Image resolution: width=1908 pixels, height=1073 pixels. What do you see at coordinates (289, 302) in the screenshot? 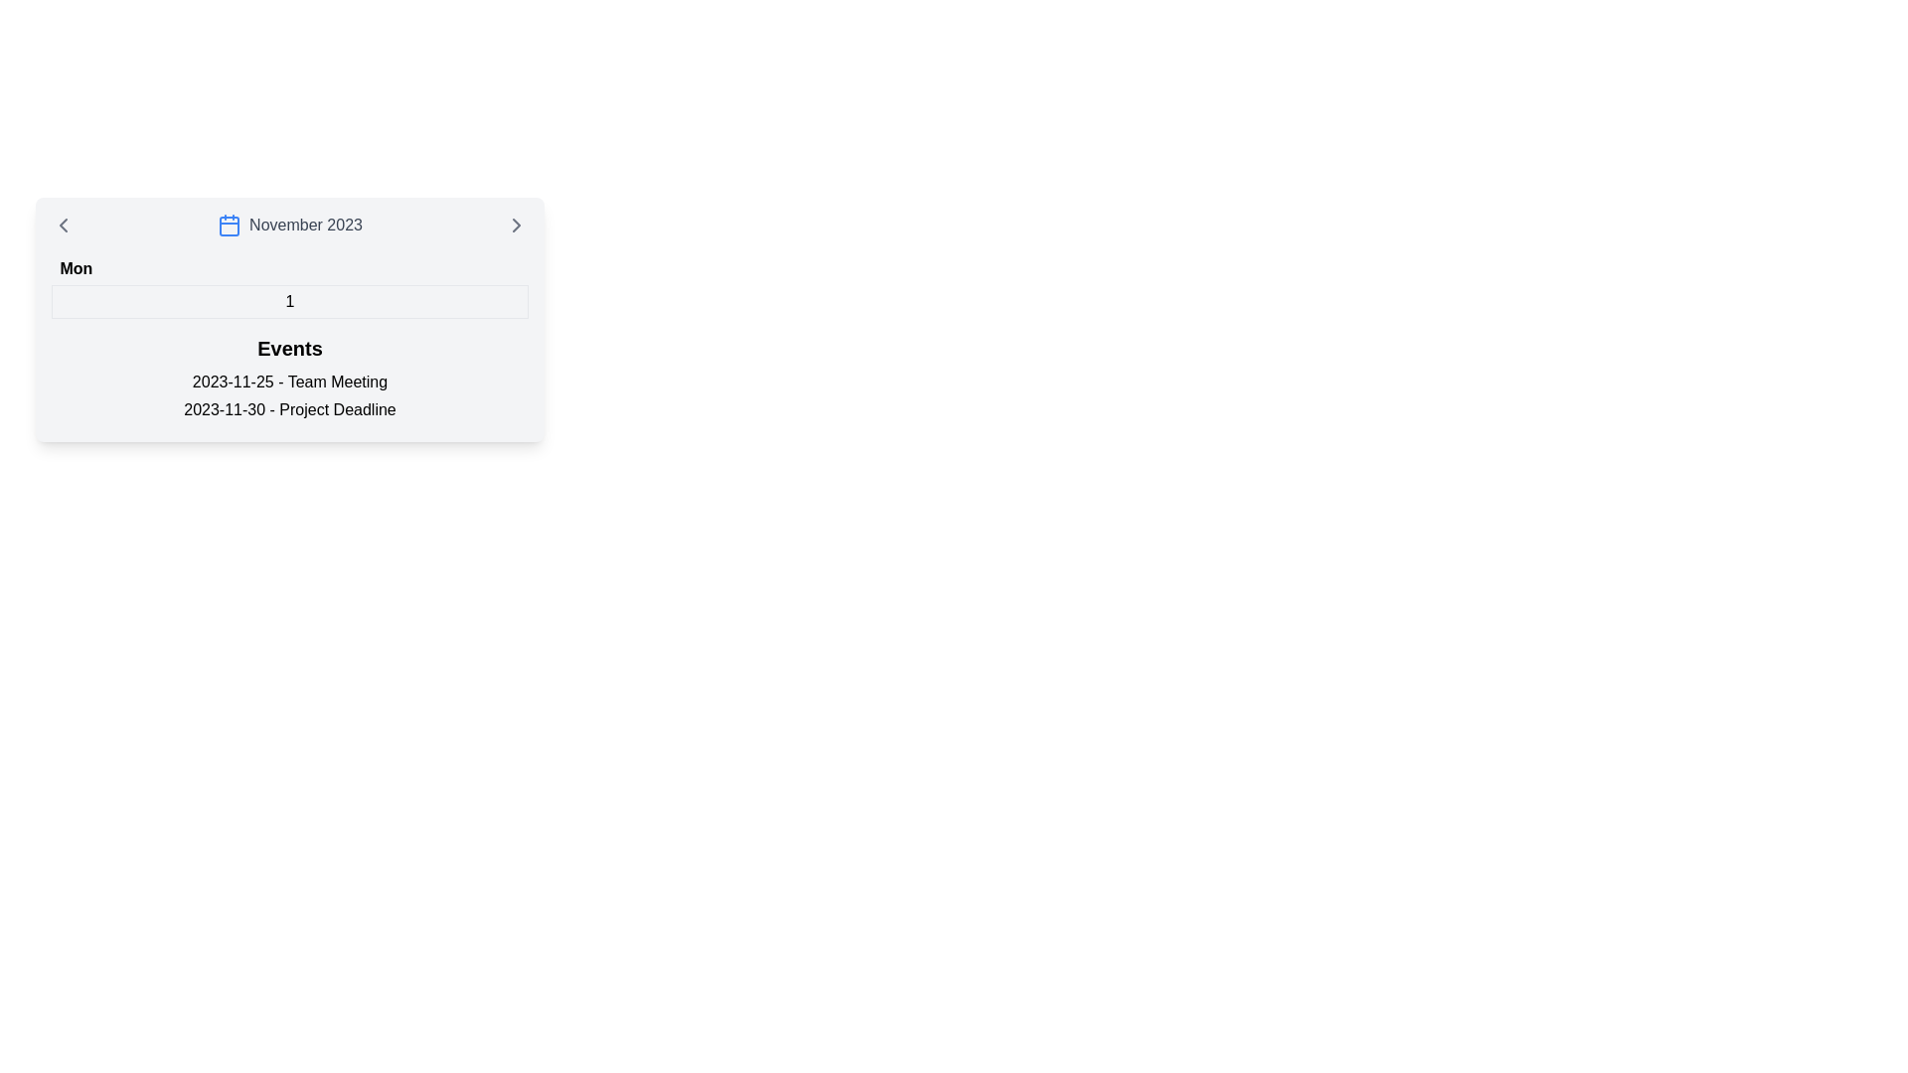
I see `the Text element displaying the digit '1' in a bold font within the calendar grid under the 'Mon' header` at bounding box center [289, 302].